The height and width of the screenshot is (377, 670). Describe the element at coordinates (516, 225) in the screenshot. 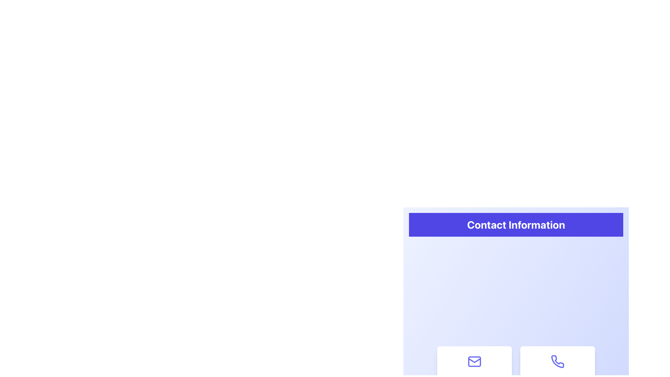

I see `the text label that serves as a title or heading for the section, centrally positioned within an indigo bar at the top of the card` at that location.